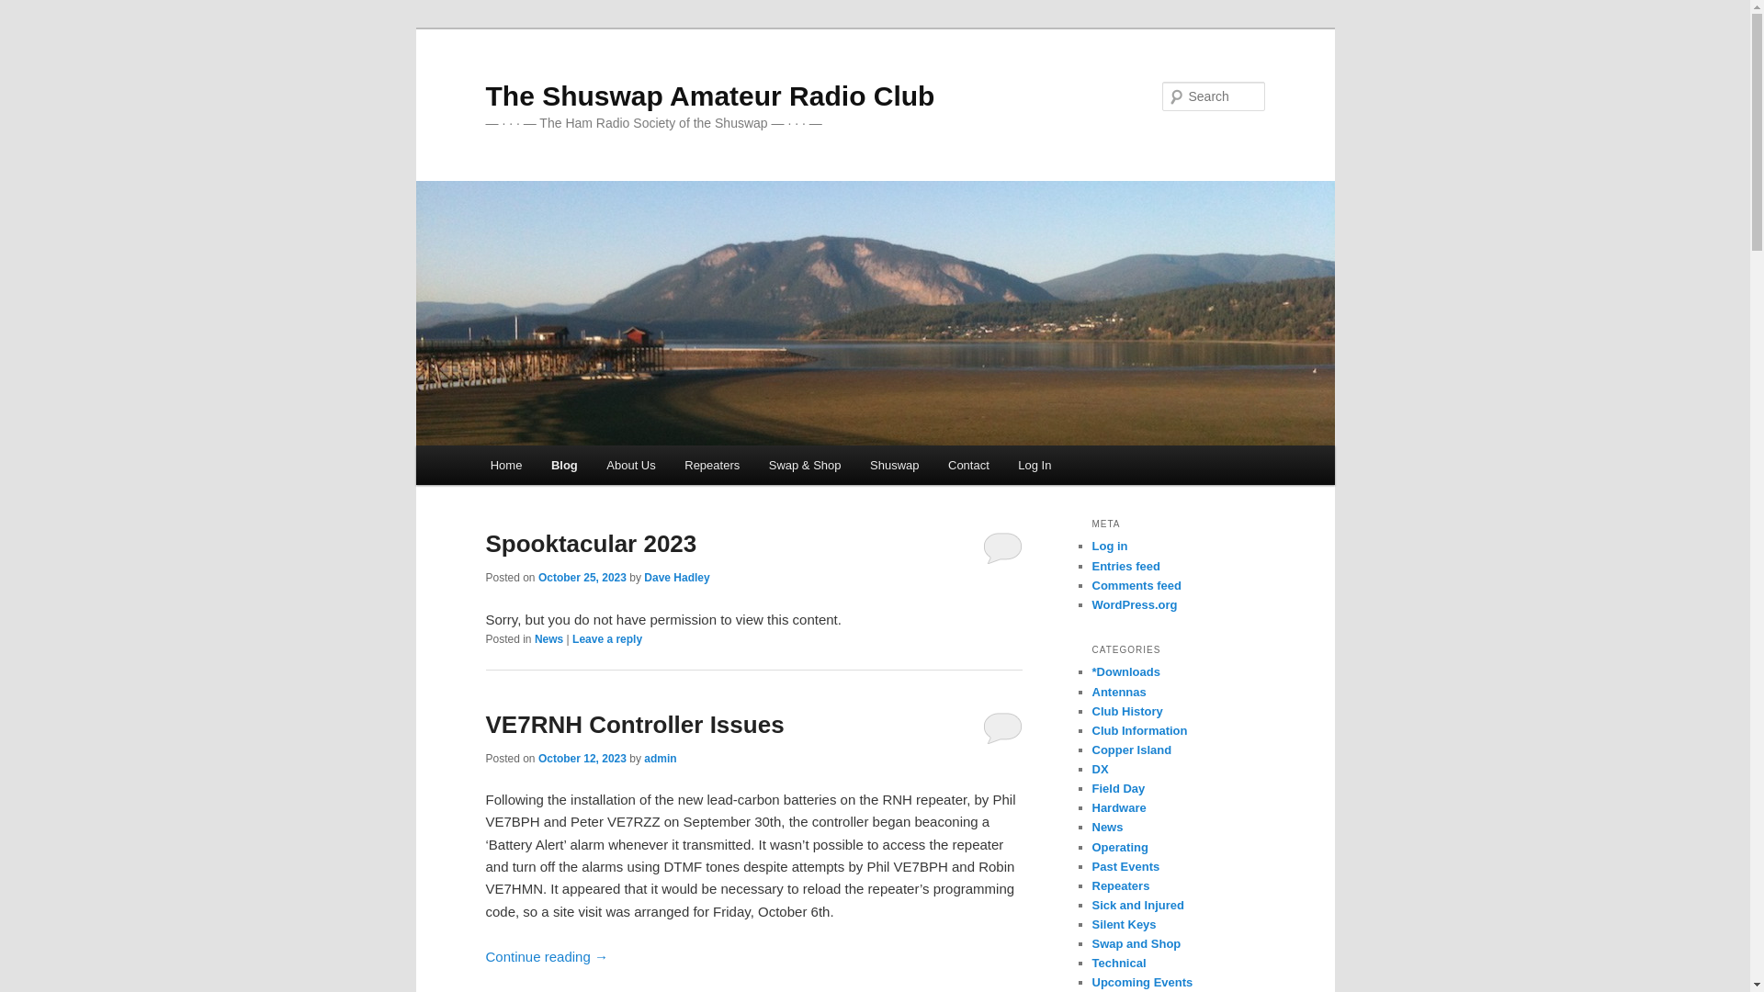 This screenshot has height=992, width=1764. What do you see at coordinates (894, 464) in the screenshot?
I see `'Shuswap'` at bounding box center [894, 464].